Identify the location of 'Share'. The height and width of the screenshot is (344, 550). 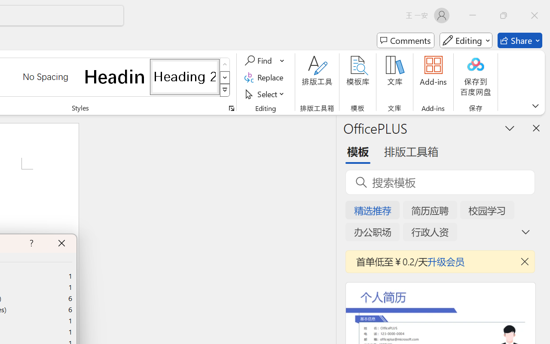
(519, 40).